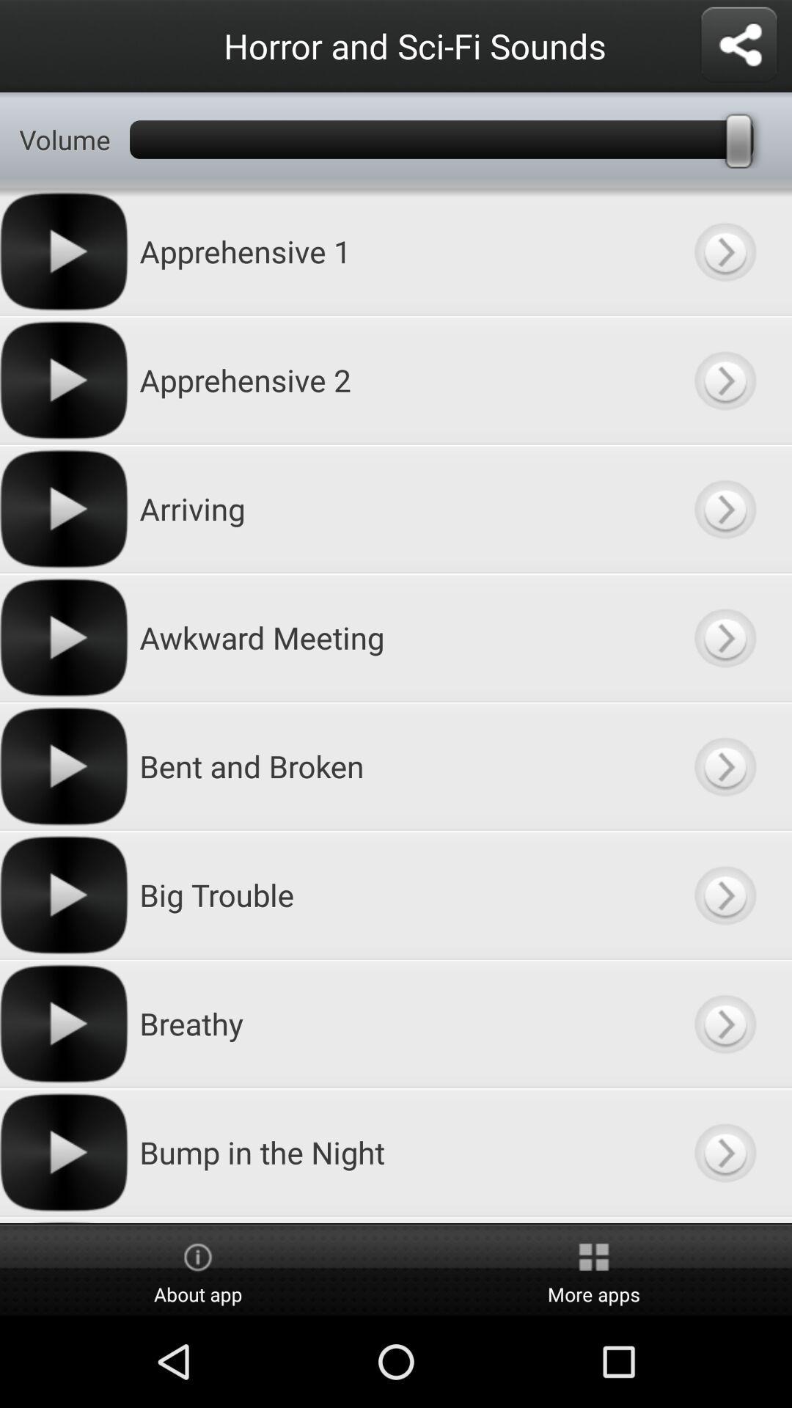  Describe the element at coordinates (724, 637) in the screenshot. I see `more information` at that location.